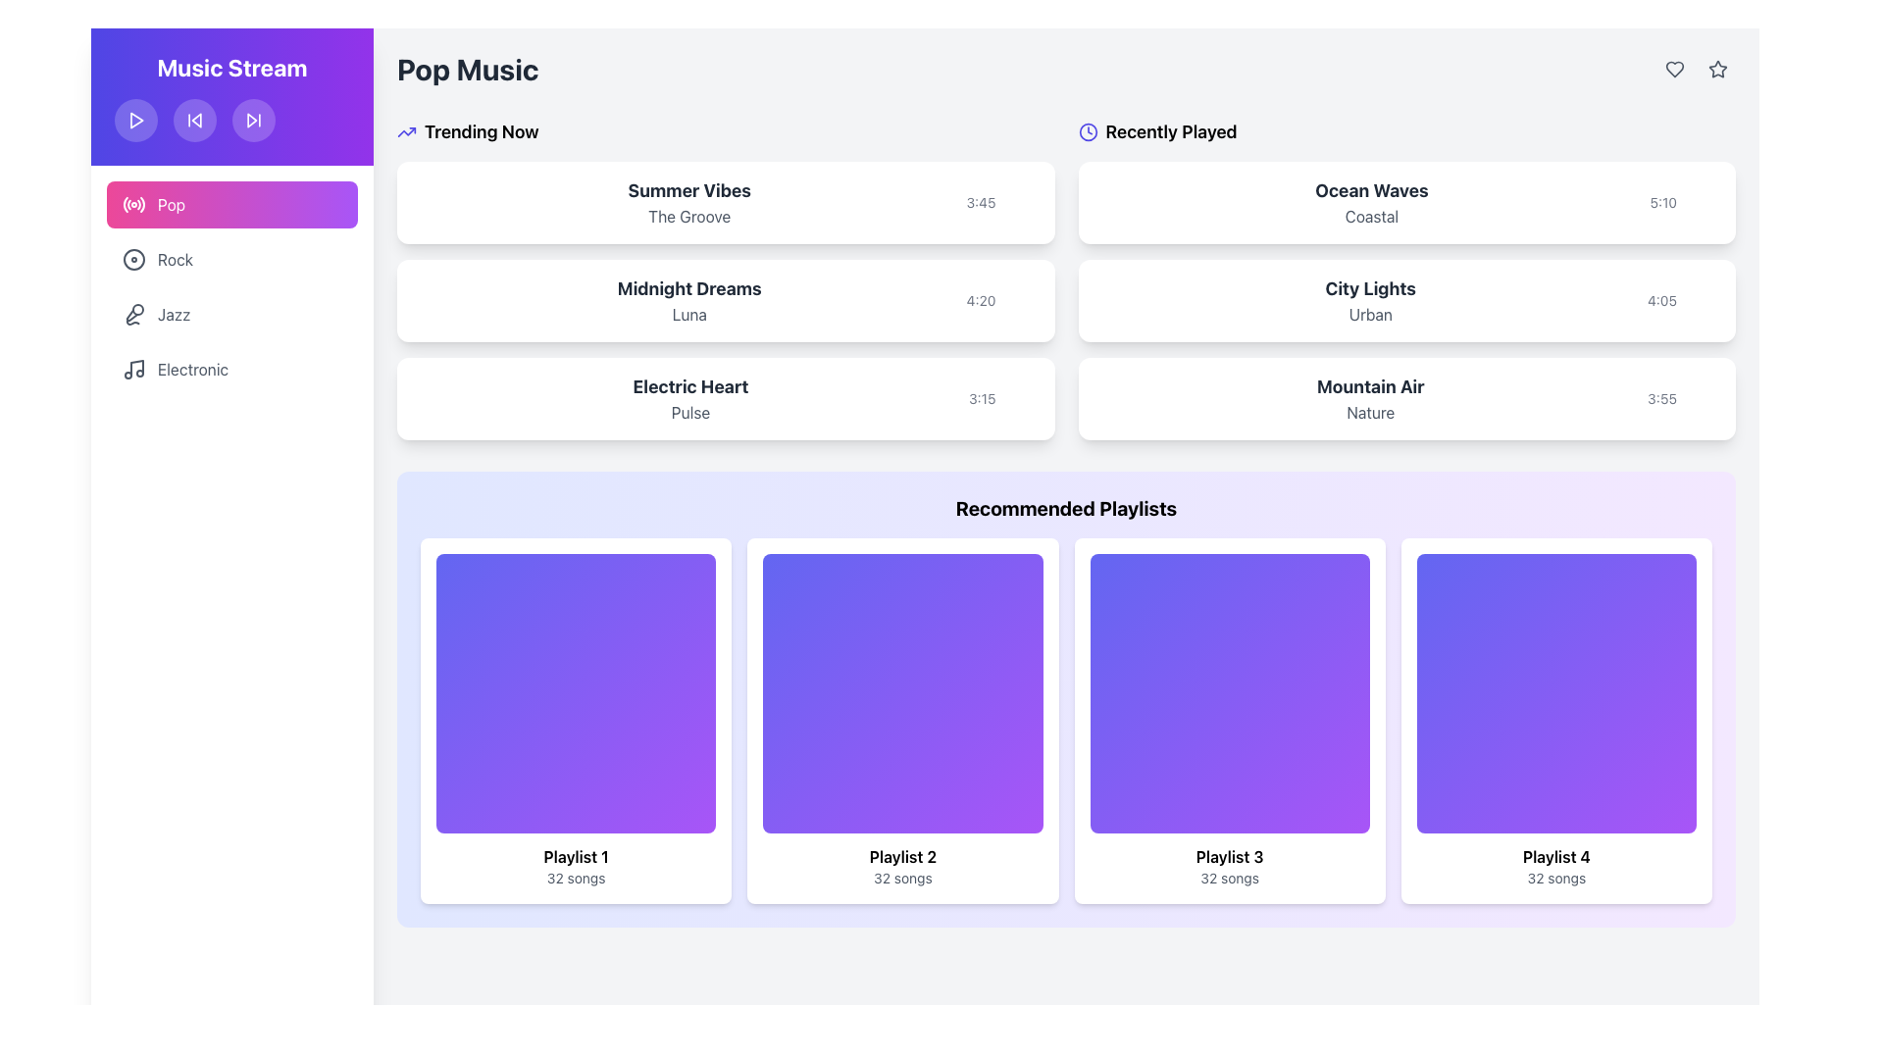 This screenshot has width=1883, height=1059. I want to click on the text label containing the word 'Pulse', styled in gray font, which is located below the text 'Electric Heart' in the 'Trending Now' section, so click(690, 411).